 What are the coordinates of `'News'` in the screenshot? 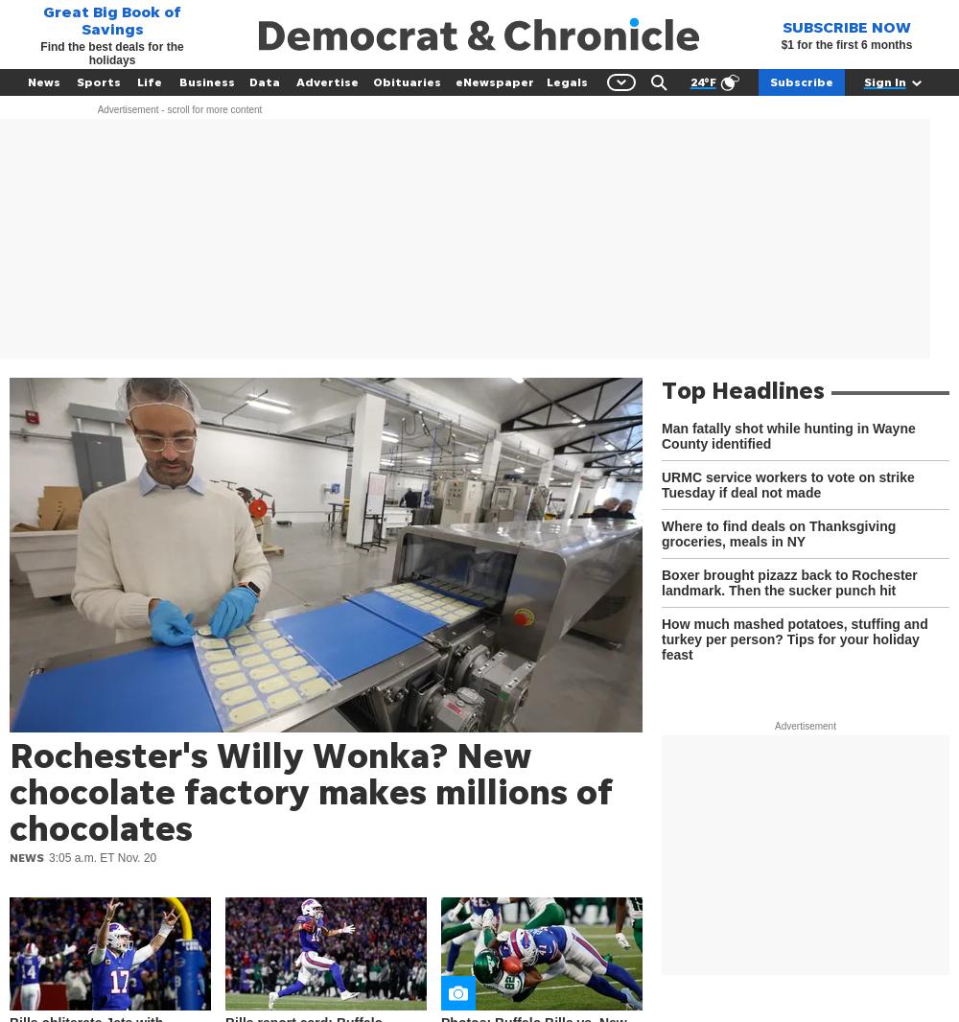 It's located at (44, 81).